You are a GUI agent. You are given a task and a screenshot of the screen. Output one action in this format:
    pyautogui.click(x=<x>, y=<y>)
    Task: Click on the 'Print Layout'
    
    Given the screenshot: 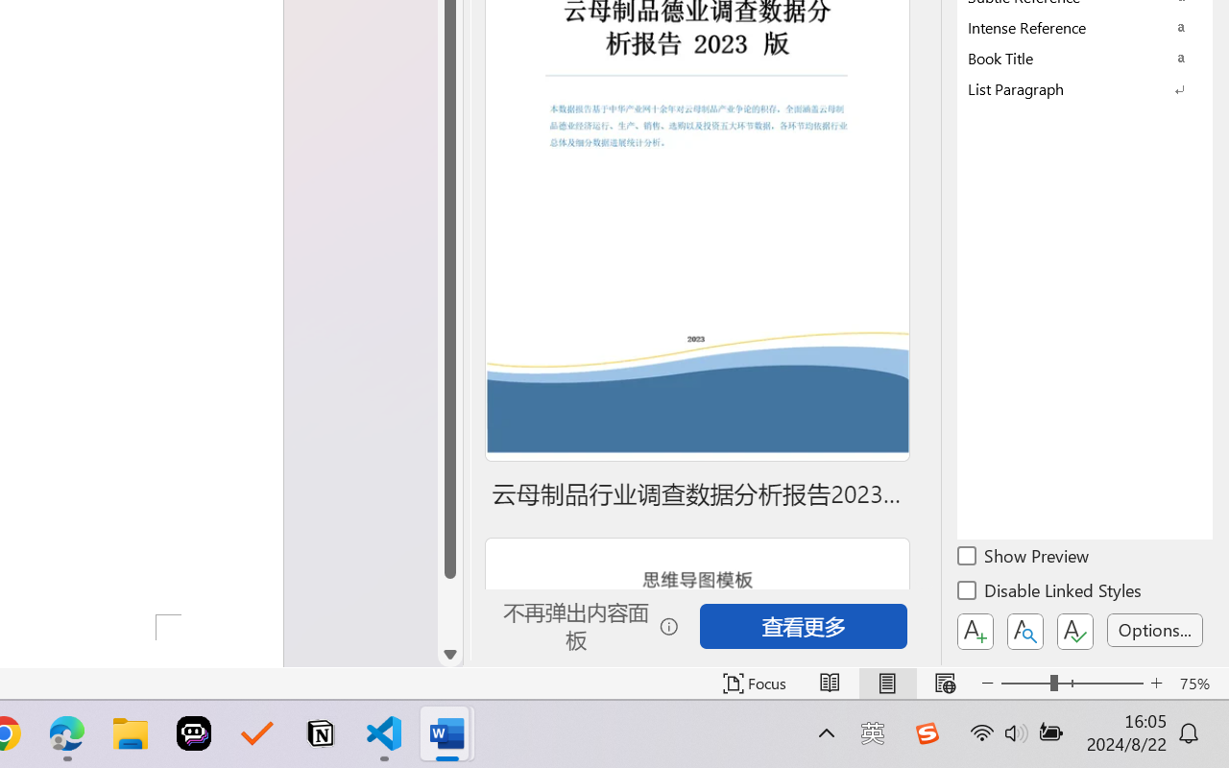 What is the action you would take?
    pyautogui.click(x=886, y=683)
    